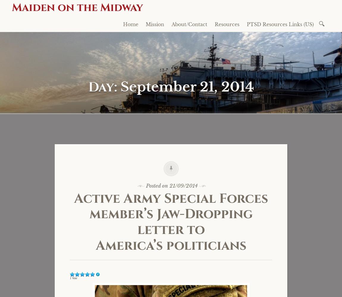  Describe the element at coordinates (171, 221) in the screenshot. I see `'Active Army Special Forces member’s Jaw-Dropping letter to America’s politicians'` at that location.